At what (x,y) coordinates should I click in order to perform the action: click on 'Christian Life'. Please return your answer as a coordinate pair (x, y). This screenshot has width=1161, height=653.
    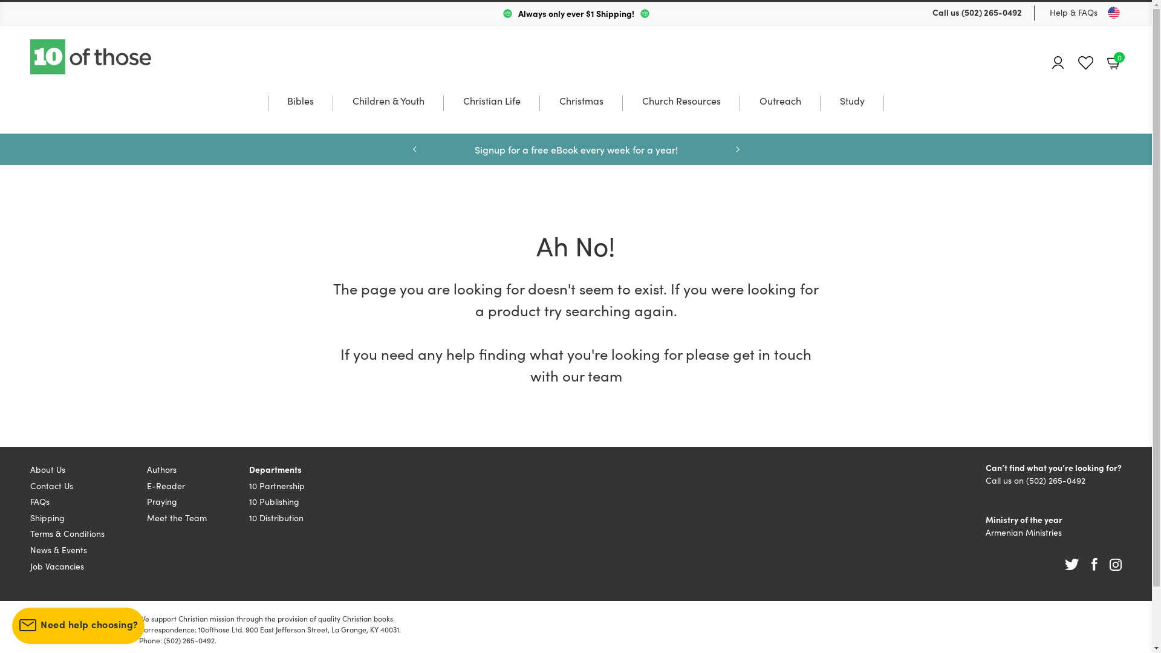
    Looking at the image, I should click on (463, 112).